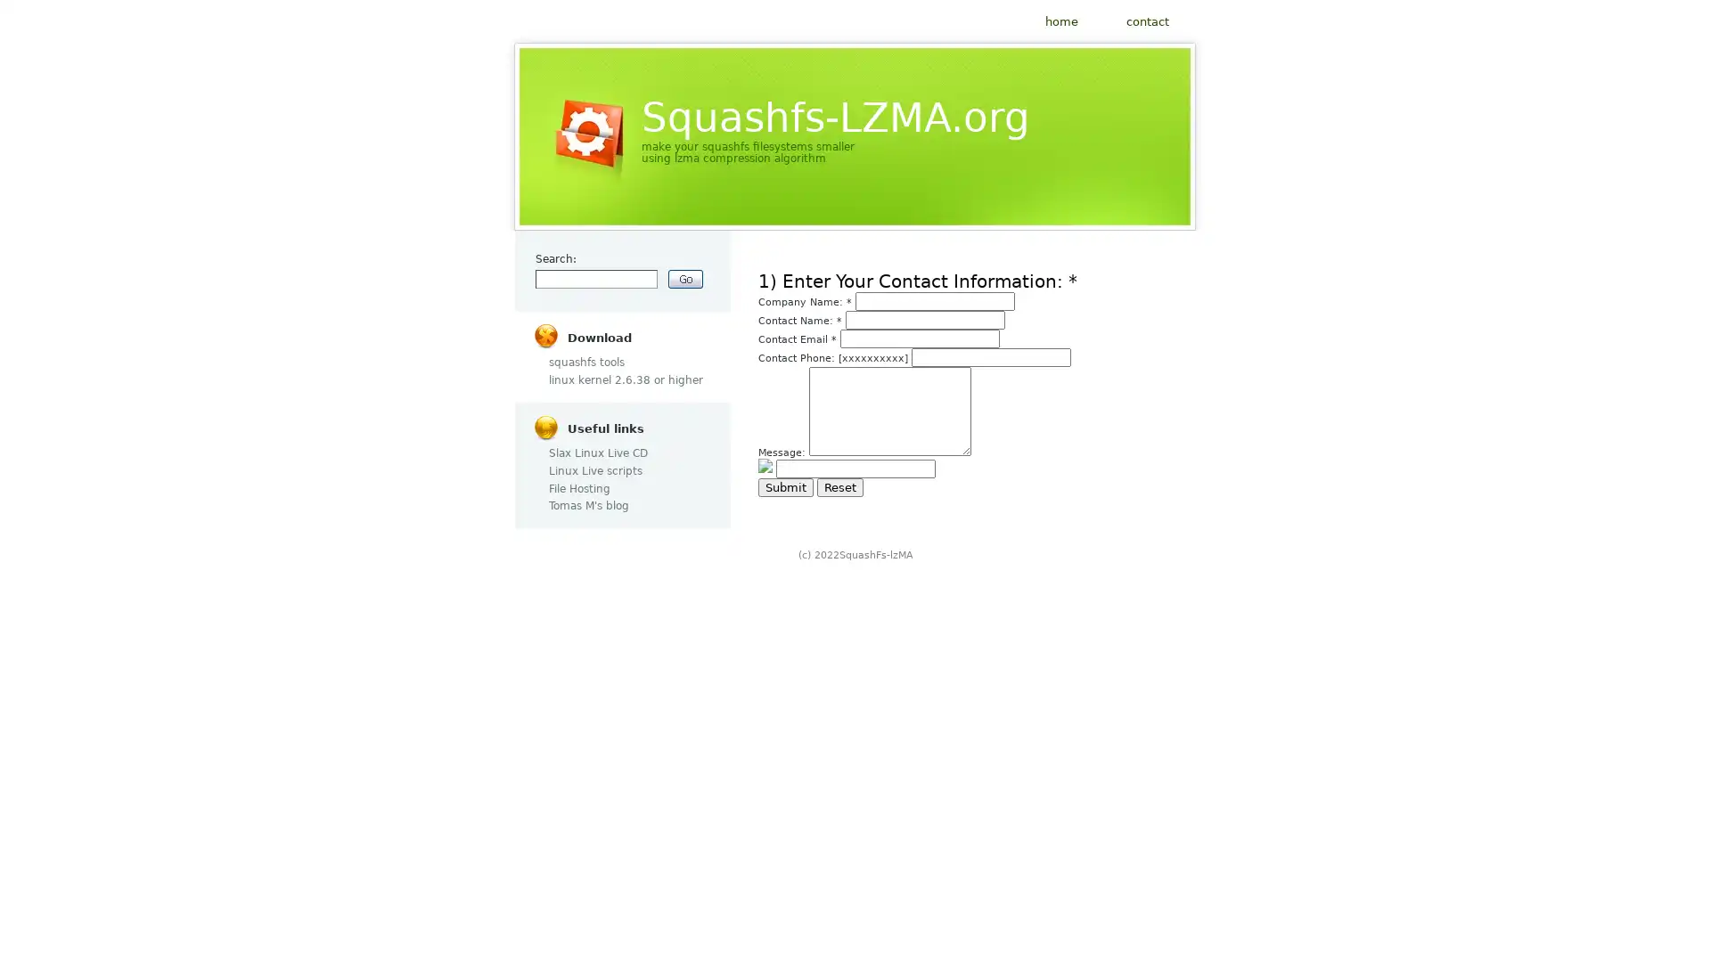 This screenshot has height=962, width=1711. What do you see at coordinates (684, 279) in the screenshot?
I see `submit` at bounding box center [684, 279].